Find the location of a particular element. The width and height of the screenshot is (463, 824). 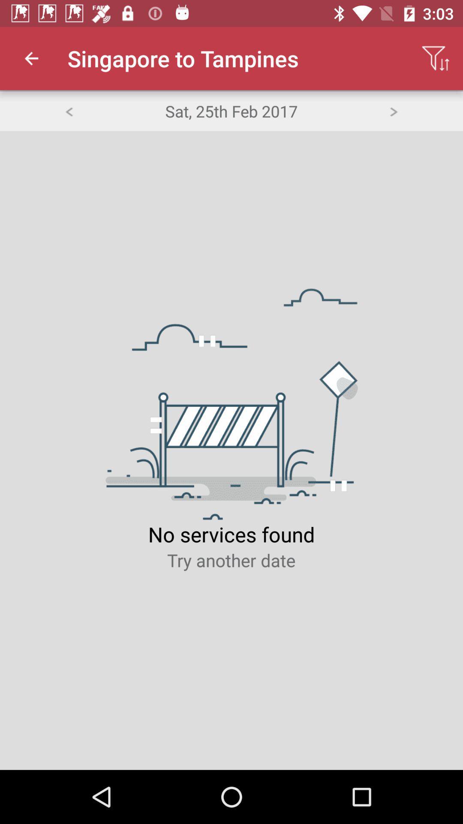

the arrow_backward icon is located at coordinates (68, 110).